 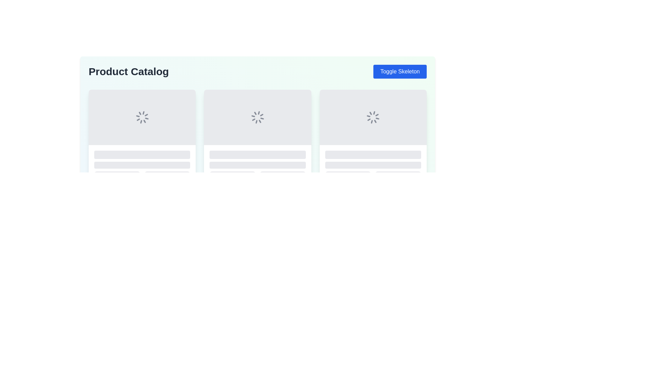 I want to click on the bold, large-sized text element that reads 'Product Catalog', which is styled in dark gray and located at the upper left part of the interface, so click(x=128, y=72).